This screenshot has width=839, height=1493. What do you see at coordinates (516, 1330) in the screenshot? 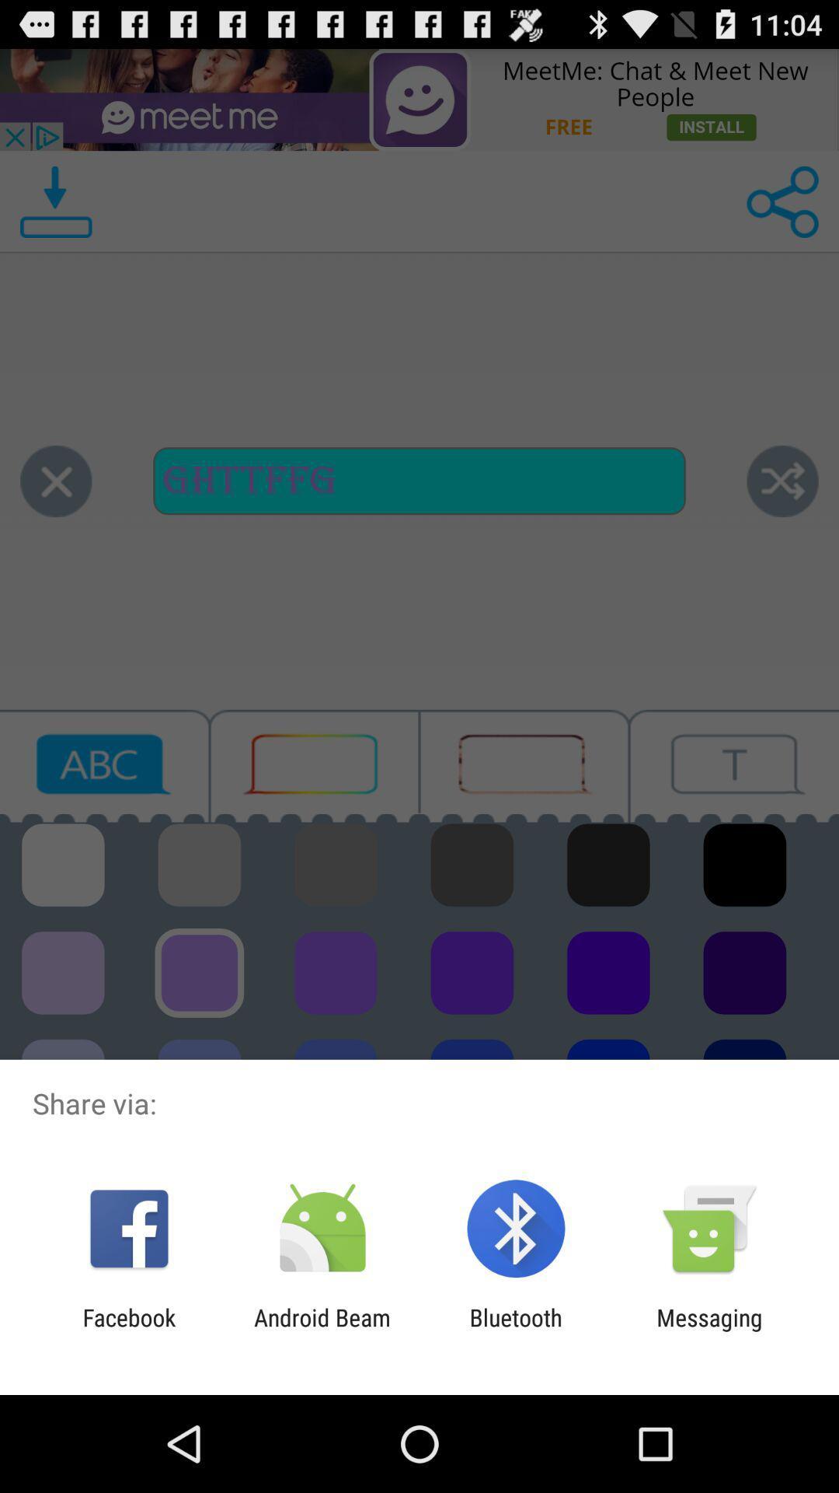
I see `app to the right of the android beam item` at bounding box center [516, 1330].